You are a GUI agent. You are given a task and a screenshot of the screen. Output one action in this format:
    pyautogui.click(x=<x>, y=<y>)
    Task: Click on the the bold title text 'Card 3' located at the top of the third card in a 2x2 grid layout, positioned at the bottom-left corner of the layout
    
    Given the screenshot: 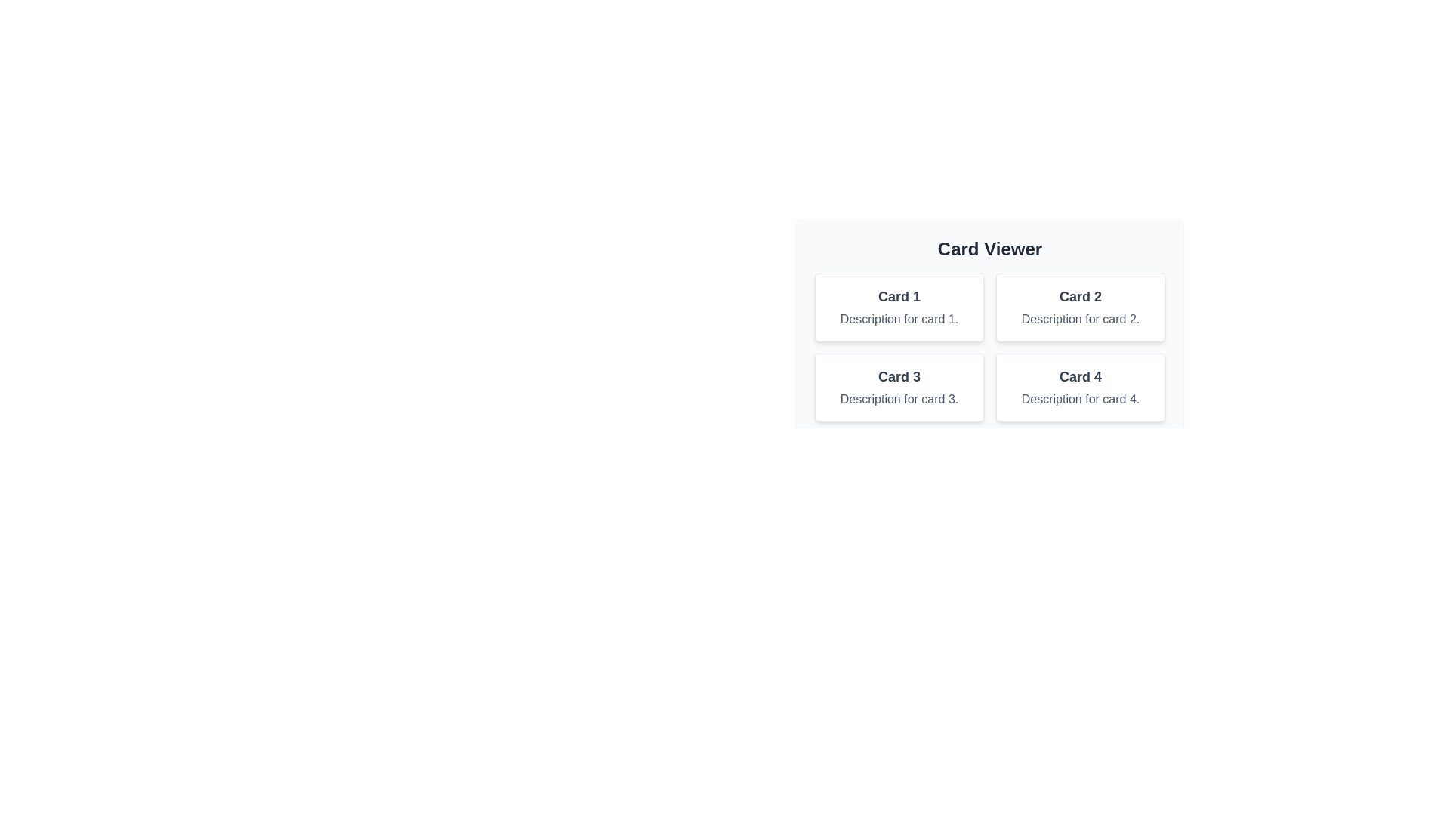 What is the action you would take?
    pyautogui.click(x=899, y=376)
    